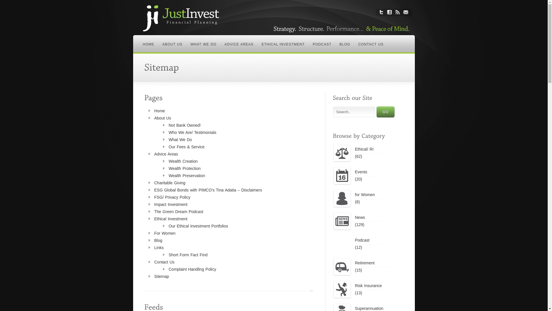  I want to click on 'Links', so click(159, 247).